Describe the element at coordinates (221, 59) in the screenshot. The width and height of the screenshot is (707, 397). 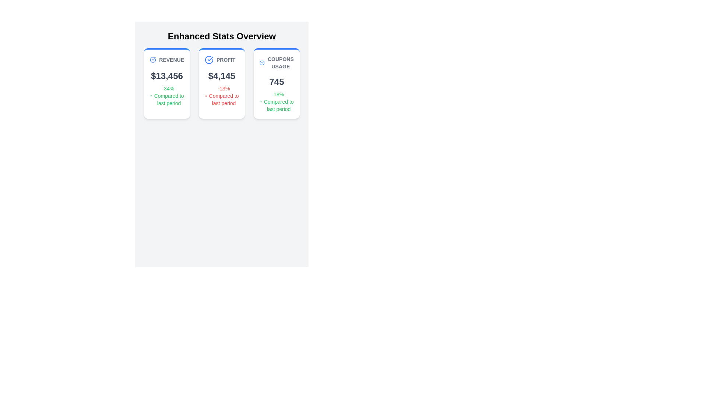
I see `the 'Profit' text label located at the upper center of the middle card, adjacent to a blue checkmark icon` at that location.